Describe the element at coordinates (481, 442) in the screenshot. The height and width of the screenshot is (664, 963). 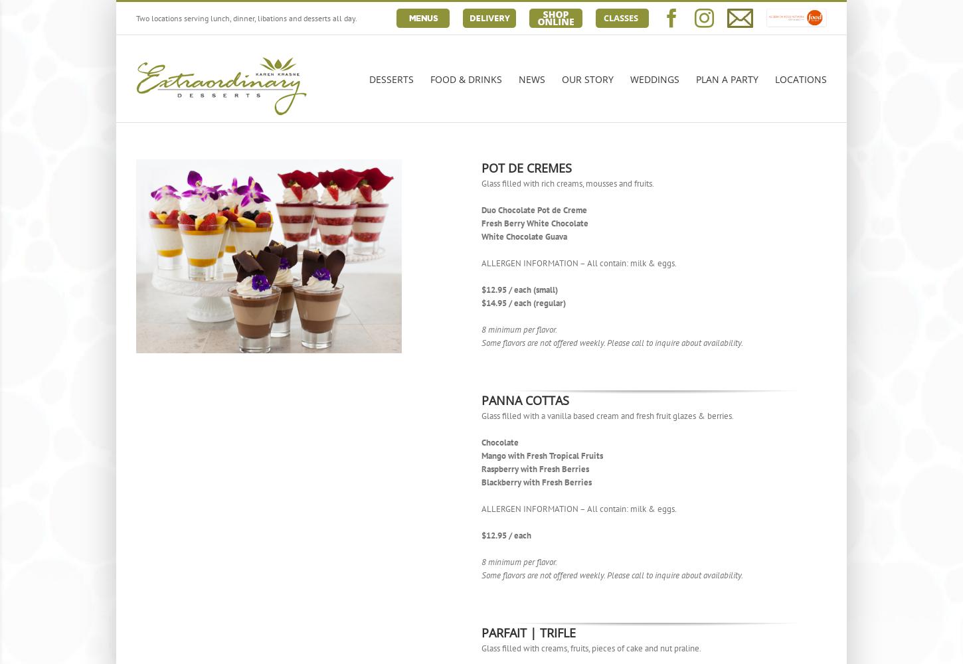
I see `'Chocolate'` at that location.